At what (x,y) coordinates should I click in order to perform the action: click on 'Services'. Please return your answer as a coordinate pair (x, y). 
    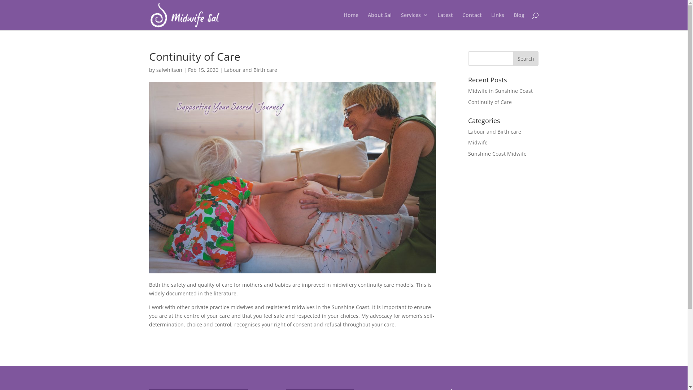
    Looking at the image, I should click on (414, 21).